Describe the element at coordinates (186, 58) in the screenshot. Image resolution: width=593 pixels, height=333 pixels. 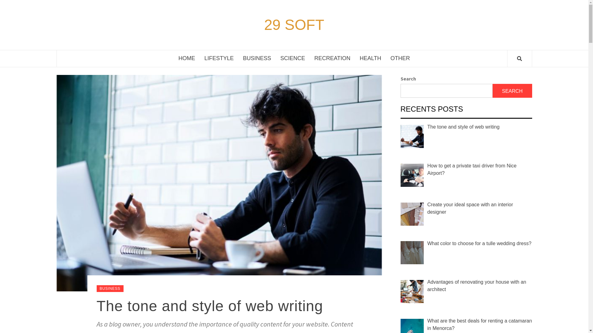
I see `'HOME'` at that location.